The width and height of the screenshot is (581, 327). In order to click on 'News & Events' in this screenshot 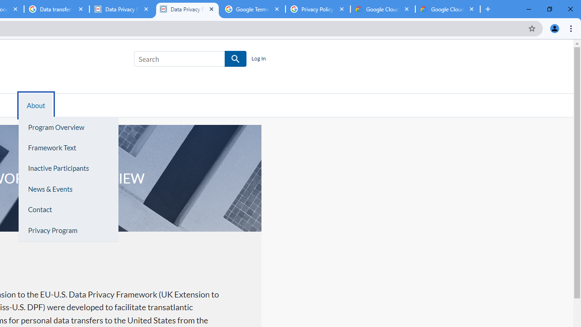, I will do `click(68, 188)`.